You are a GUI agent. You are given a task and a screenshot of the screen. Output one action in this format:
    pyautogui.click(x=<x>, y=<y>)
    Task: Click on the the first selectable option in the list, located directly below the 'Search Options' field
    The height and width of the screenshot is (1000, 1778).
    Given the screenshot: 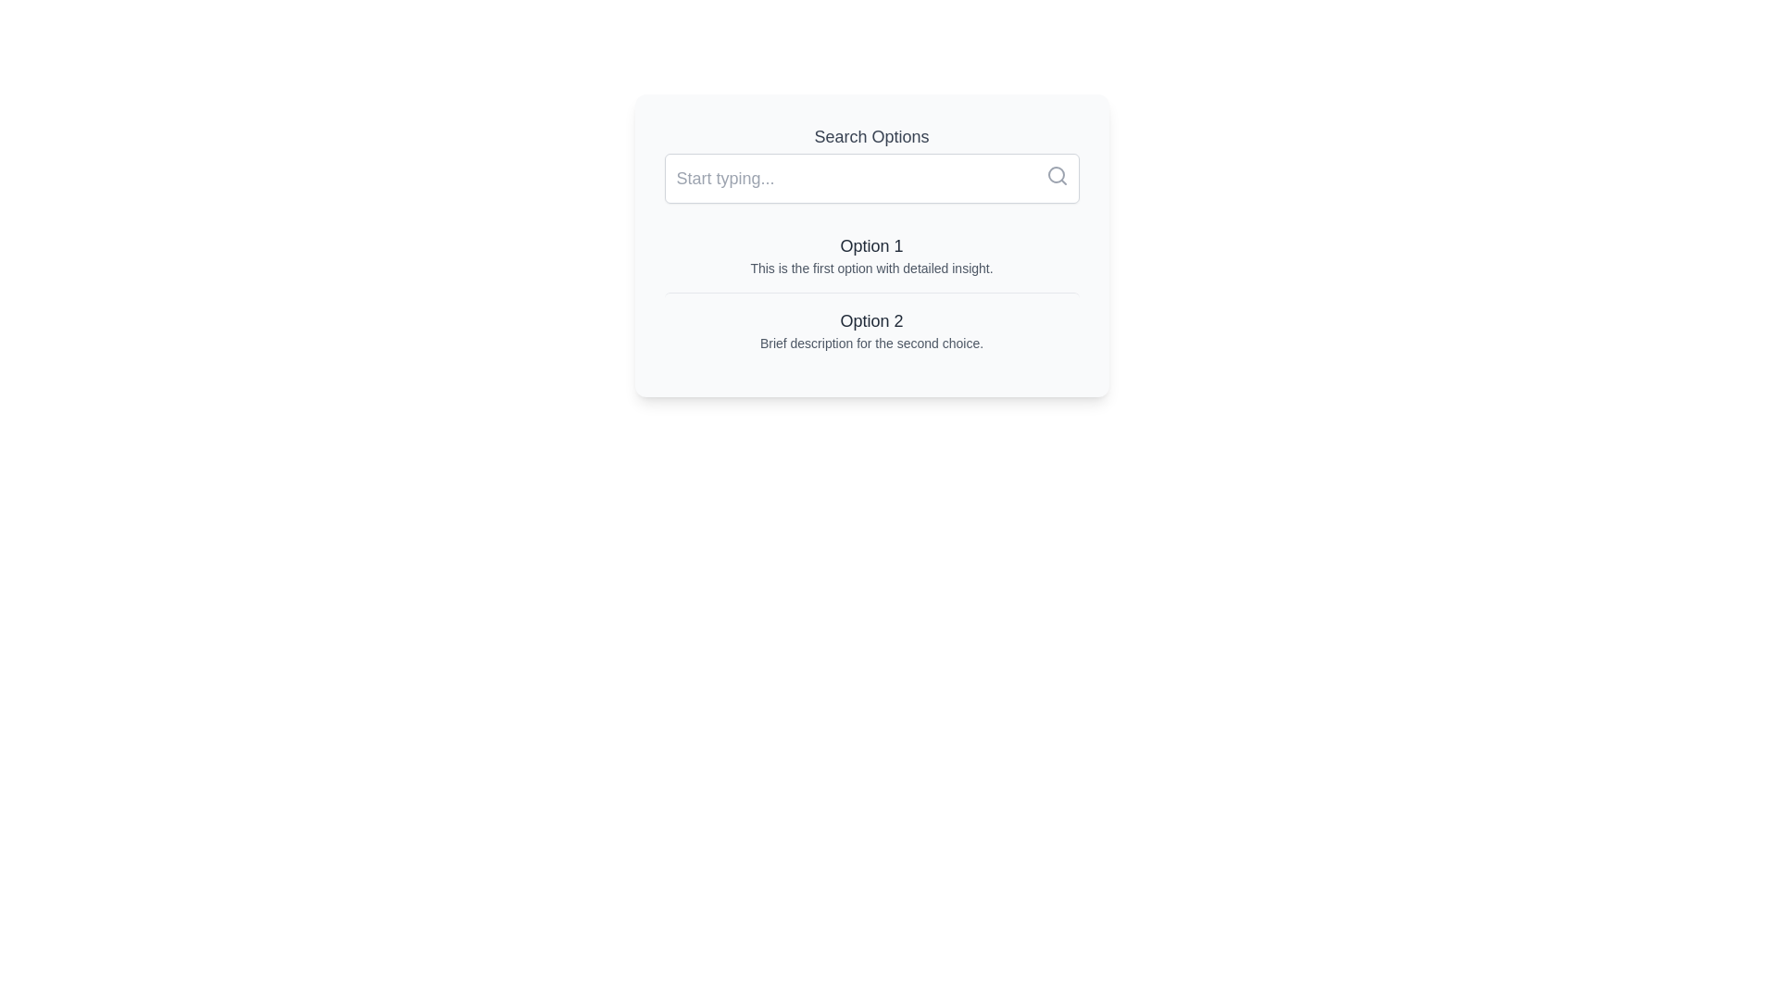 What is the action you would take?
    pyautogui.click(x=870, y=256)
    